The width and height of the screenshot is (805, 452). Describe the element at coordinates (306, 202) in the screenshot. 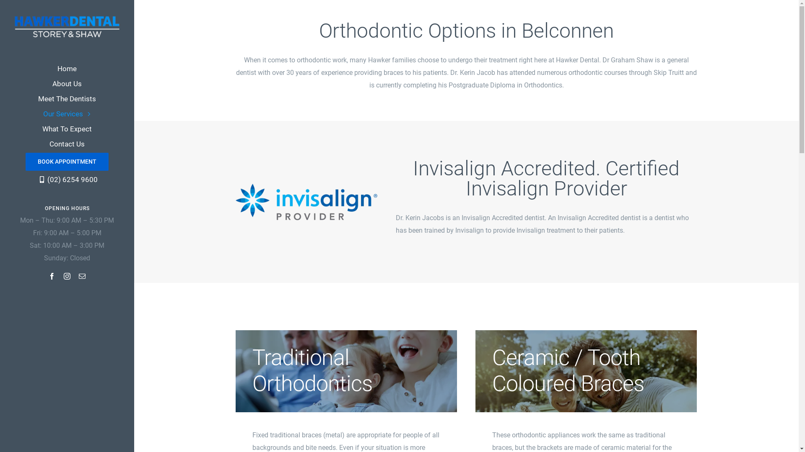

I see `'Invisalign-Provider-Logo-RGB'` at that location.